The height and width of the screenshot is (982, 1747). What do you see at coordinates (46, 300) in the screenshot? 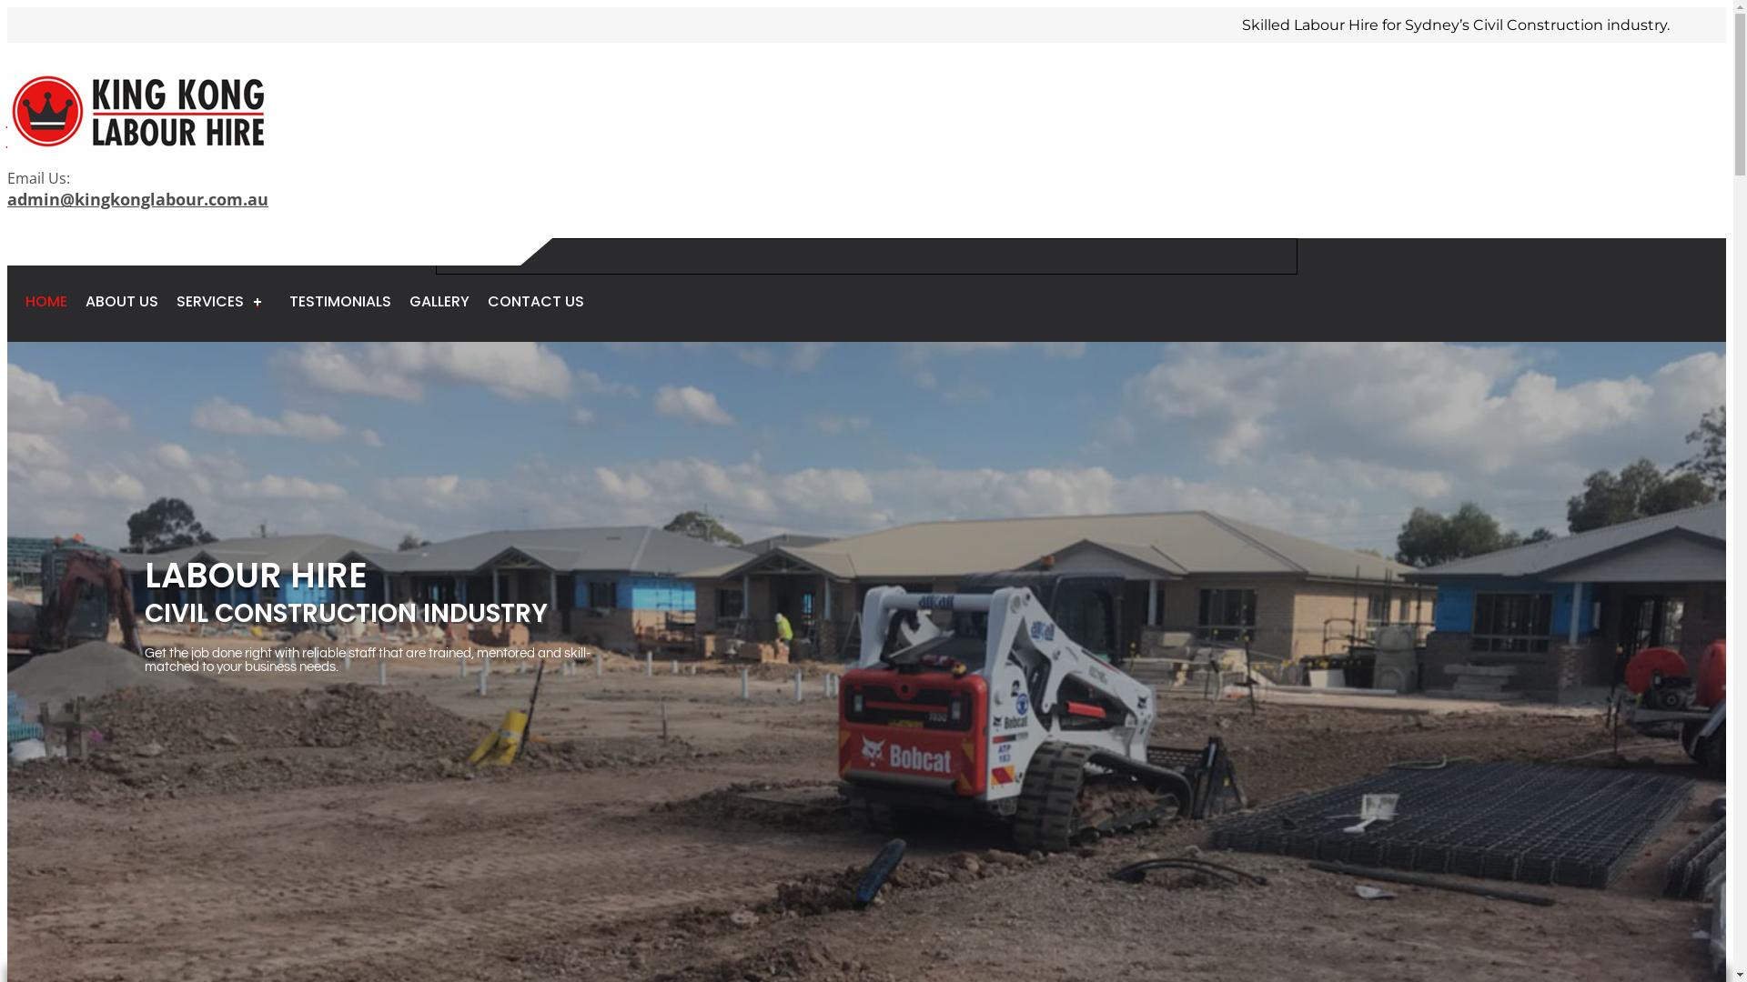
I see `'HOME'` at bounding box center [46, 300].